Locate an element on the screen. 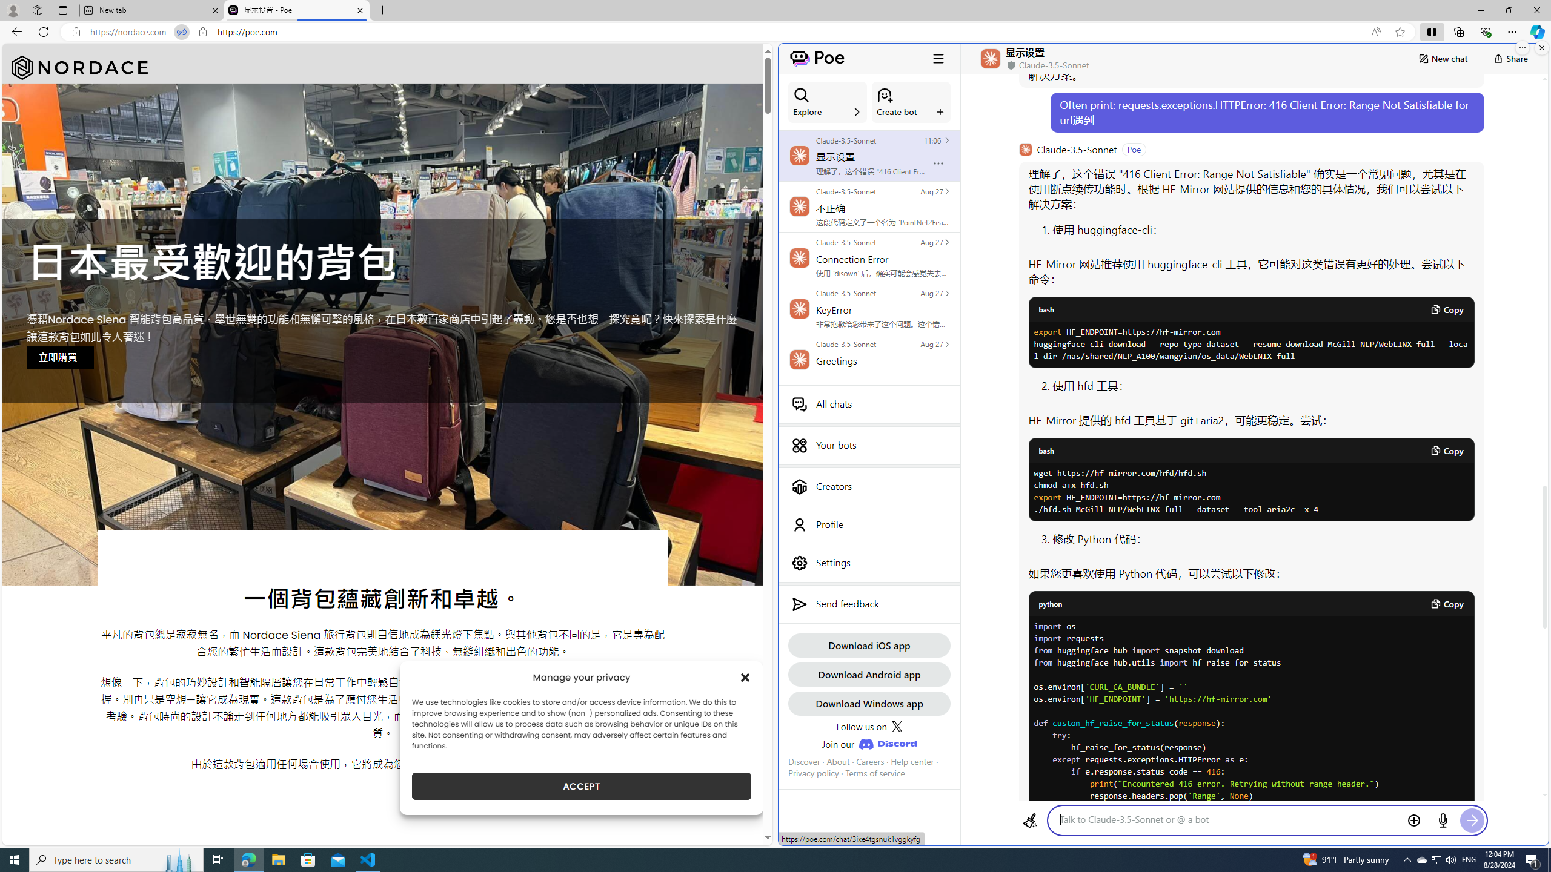 This screenshot has width=1551, height=872. 'Help center' is located at coordinates (911, 761).